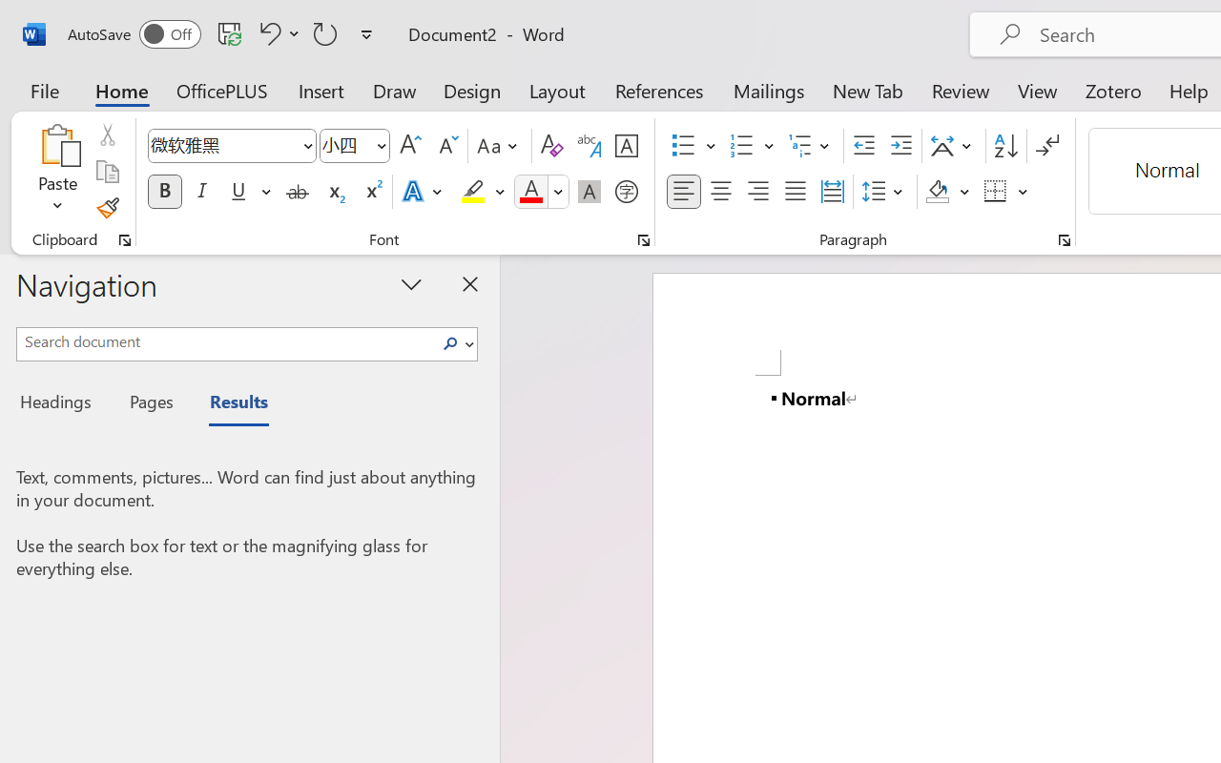 This screenshot has height=763, width=1221. Describe the element at coordinates (366, 33) in the screenshot. I see `'Customize Quick Access Toolbar'` at that location.